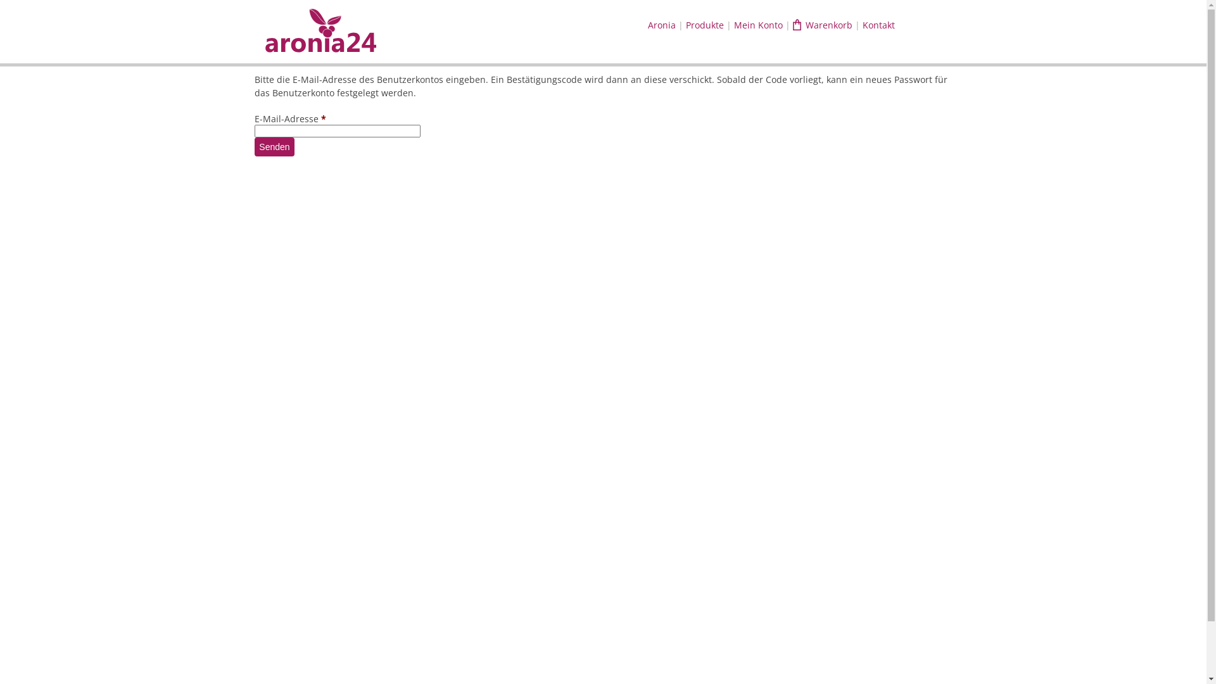 Image resolution: width=1216 pixels, height=684 pixels. What do you see at coordinates (878, 25) in the screenshot?
I see `'Kontakt'` at bounding box center [878, 25].